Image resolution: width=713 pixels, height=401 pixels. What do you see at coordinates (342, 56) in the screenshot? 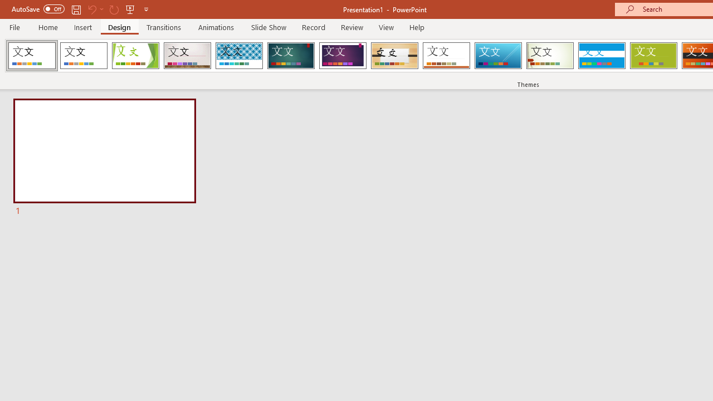
I see `'Ion Boardroom Loading Preview...'` at bounding box center [342, 56].